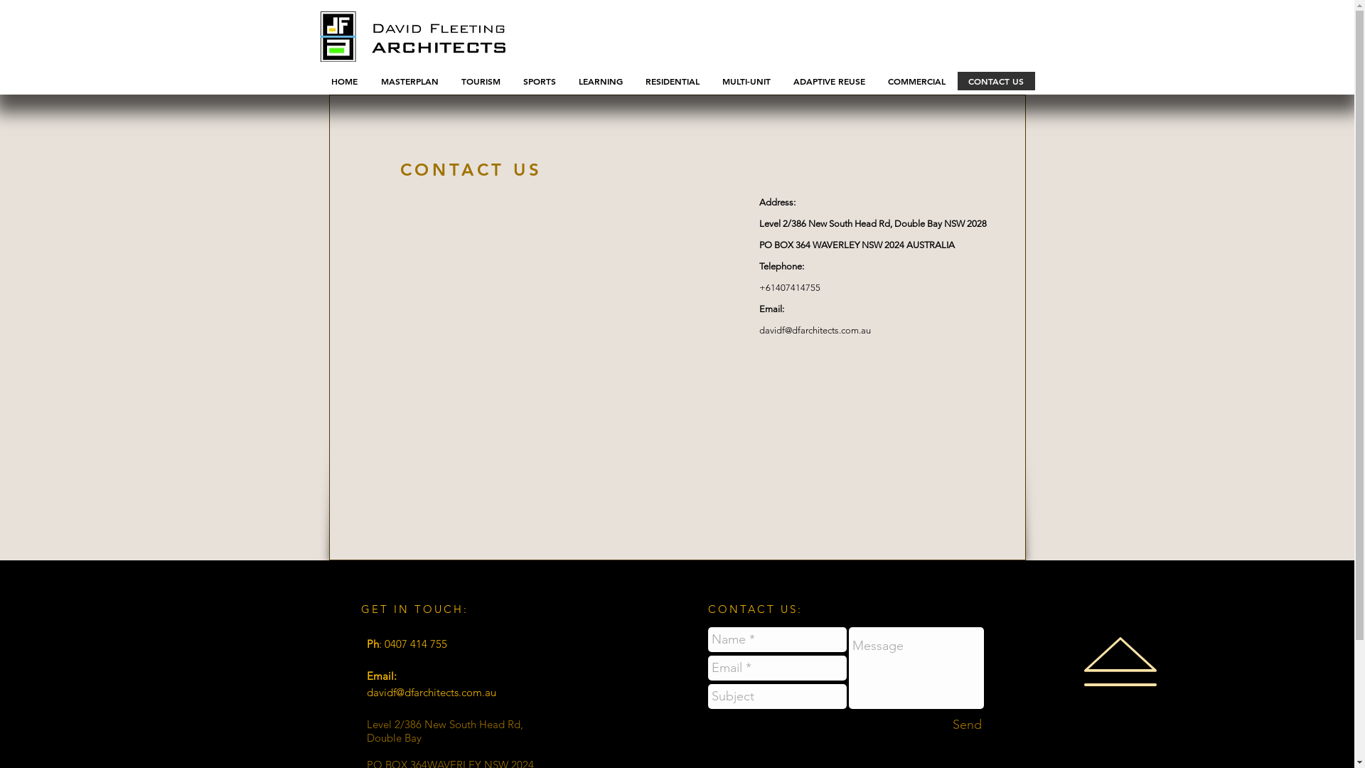  What do you see at coordinates (600, 81) in the screenshot?
I see `'LEARNING'` at bounding box center [600, 81].